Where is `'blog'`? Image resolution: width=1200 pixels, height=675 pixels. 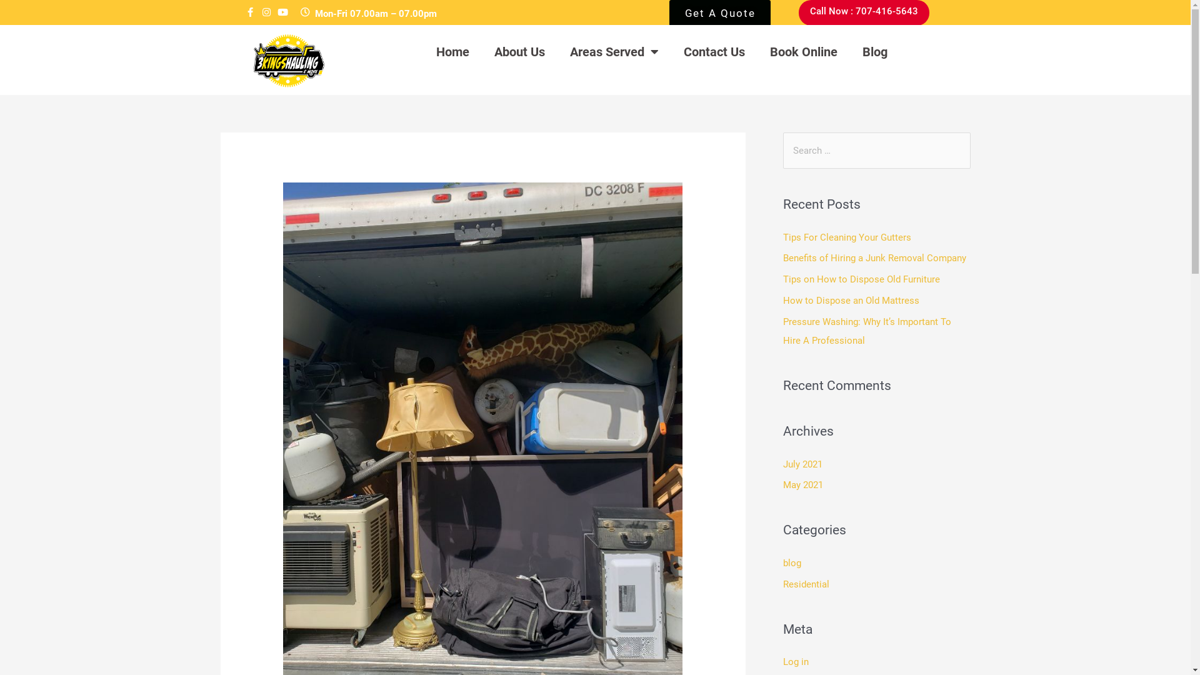 'blog' is located at coordinates (791, 563).